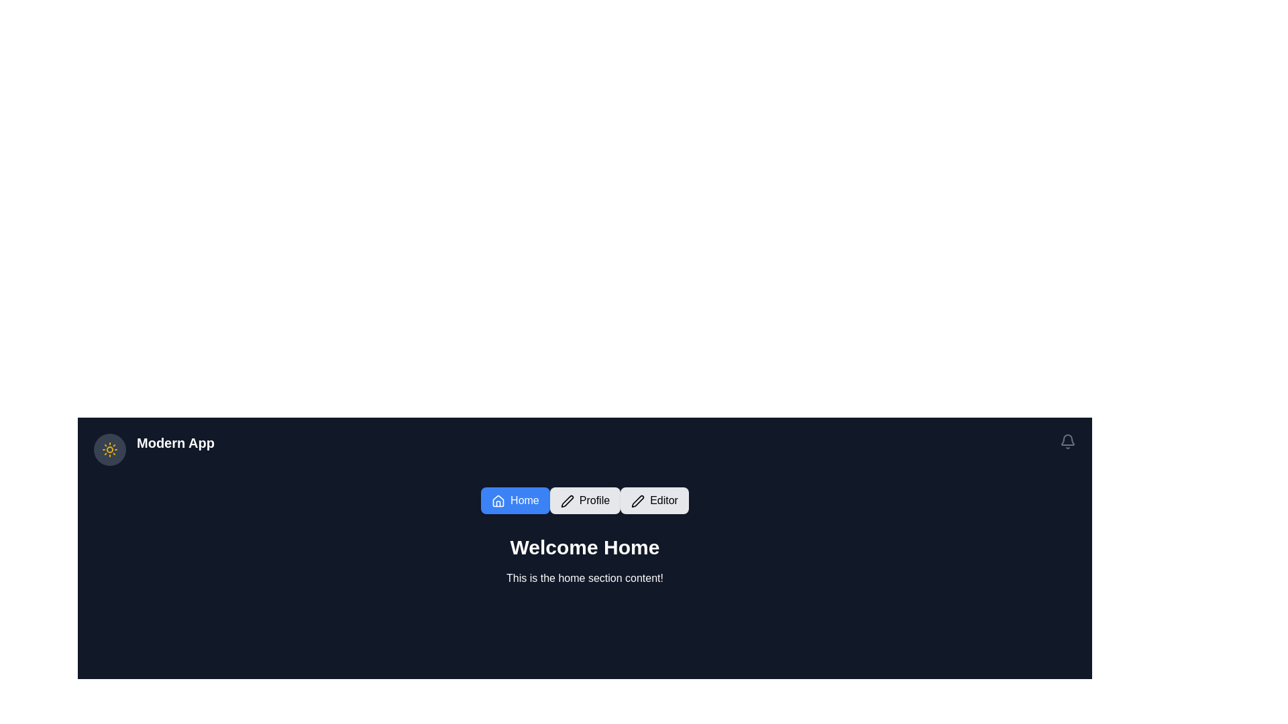 This screenshot has height=724, width=1288. What do you see at coordinates (585, 548) in the screenshot?
I see `the Header or Title Text that serves as a welcoming message to users, located at the middle-bottom portion of the visible area` at bounding box center [585, 548].